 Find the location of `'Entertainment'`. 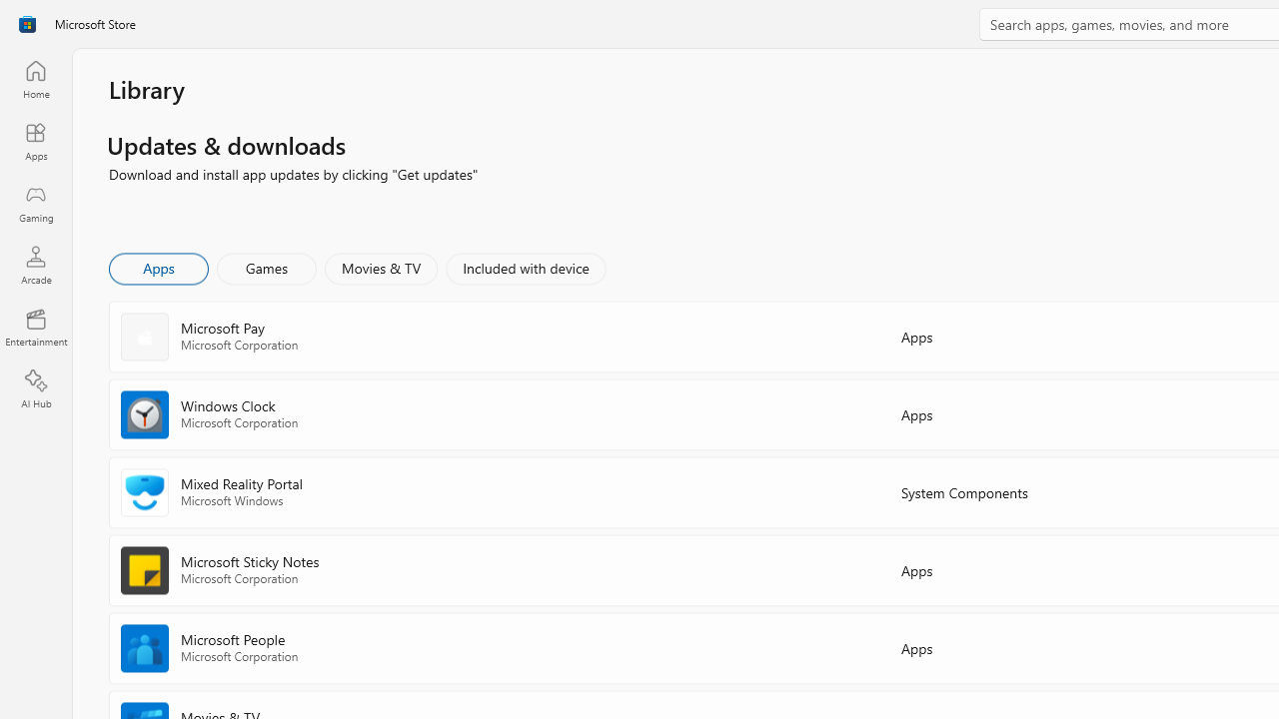

'Entertainment' is located at coordinates (35, 326).